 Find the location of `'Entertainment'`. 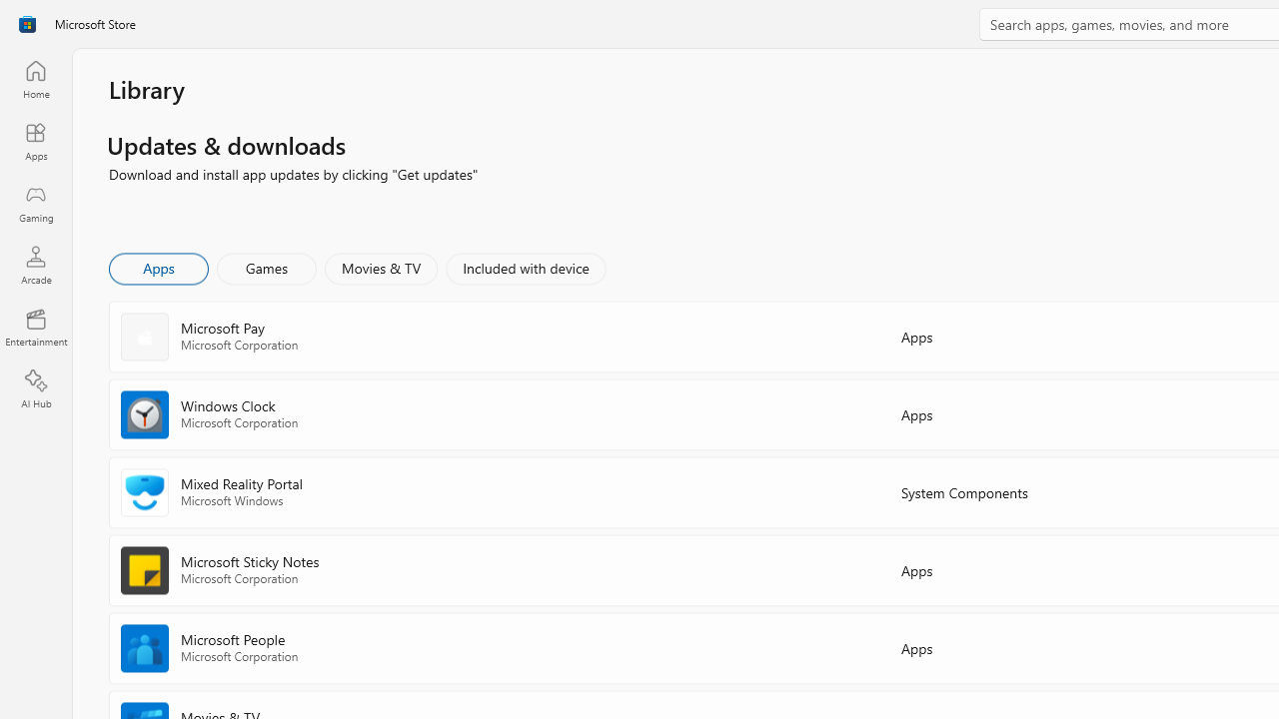

'Entertainment' is located at coordinates (35, 326).